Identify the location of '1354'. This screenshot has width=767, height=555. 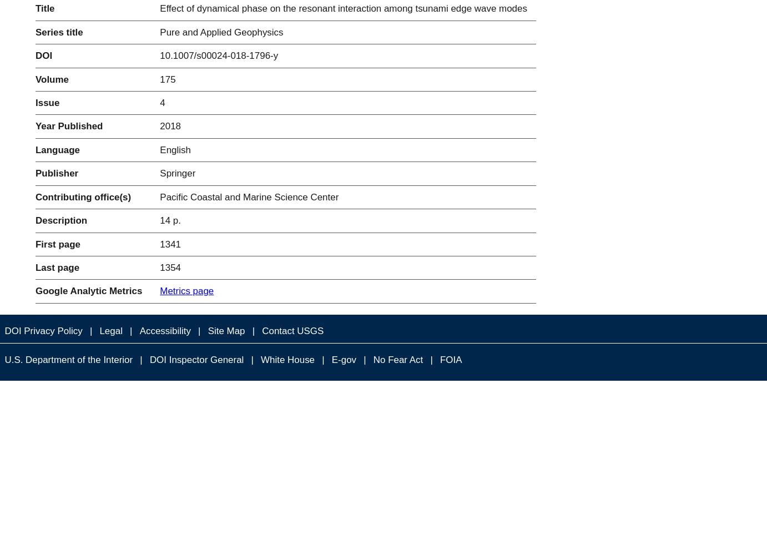
(169, 266).